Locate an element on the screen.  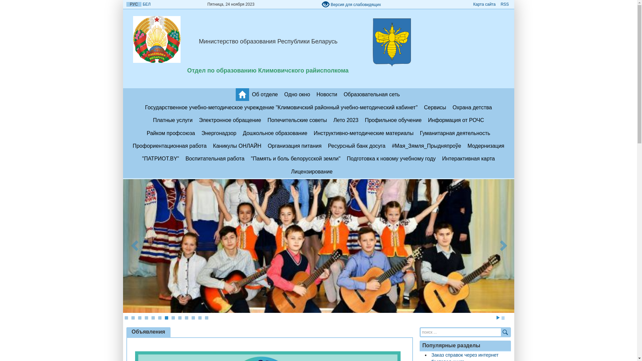
'5' is located at coordinates (152, 318).